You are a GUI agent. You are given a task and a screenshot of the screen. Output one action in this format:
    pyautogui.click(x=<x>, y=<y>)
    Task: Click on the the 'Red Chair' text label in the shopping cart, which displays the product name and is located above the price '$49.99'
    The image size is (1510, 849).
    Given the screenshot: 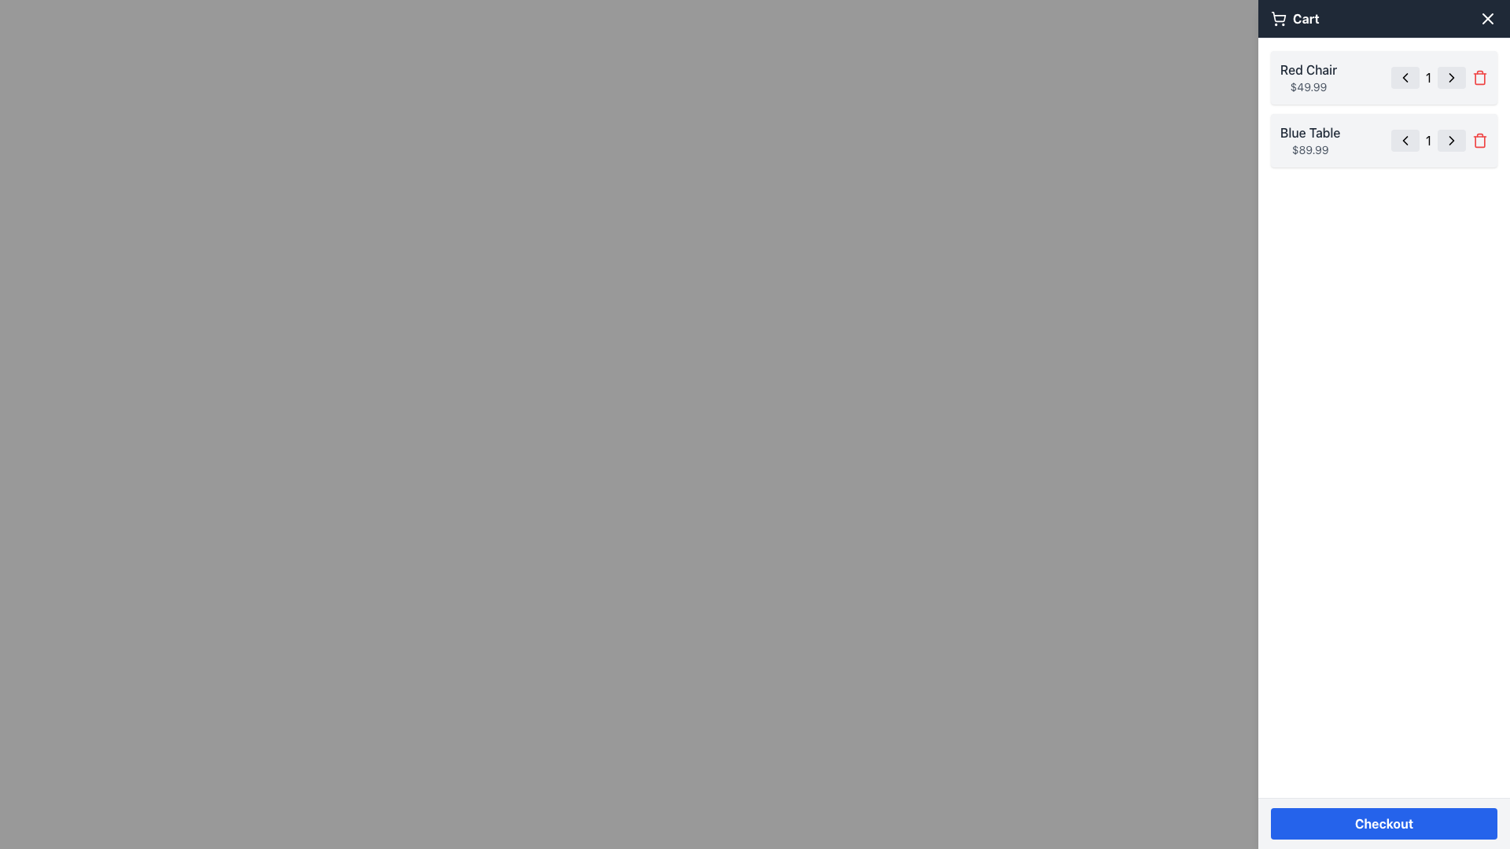 What is the action you would take?
    pyautogui.click(x=1309, y=68)
    